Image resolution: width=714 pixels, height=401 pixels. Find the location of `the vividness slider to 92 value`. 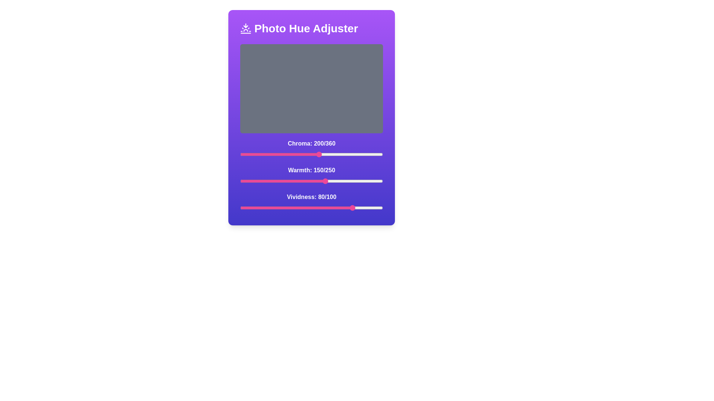

the vividness slider to 92 value is located at coordinates (372, 208).